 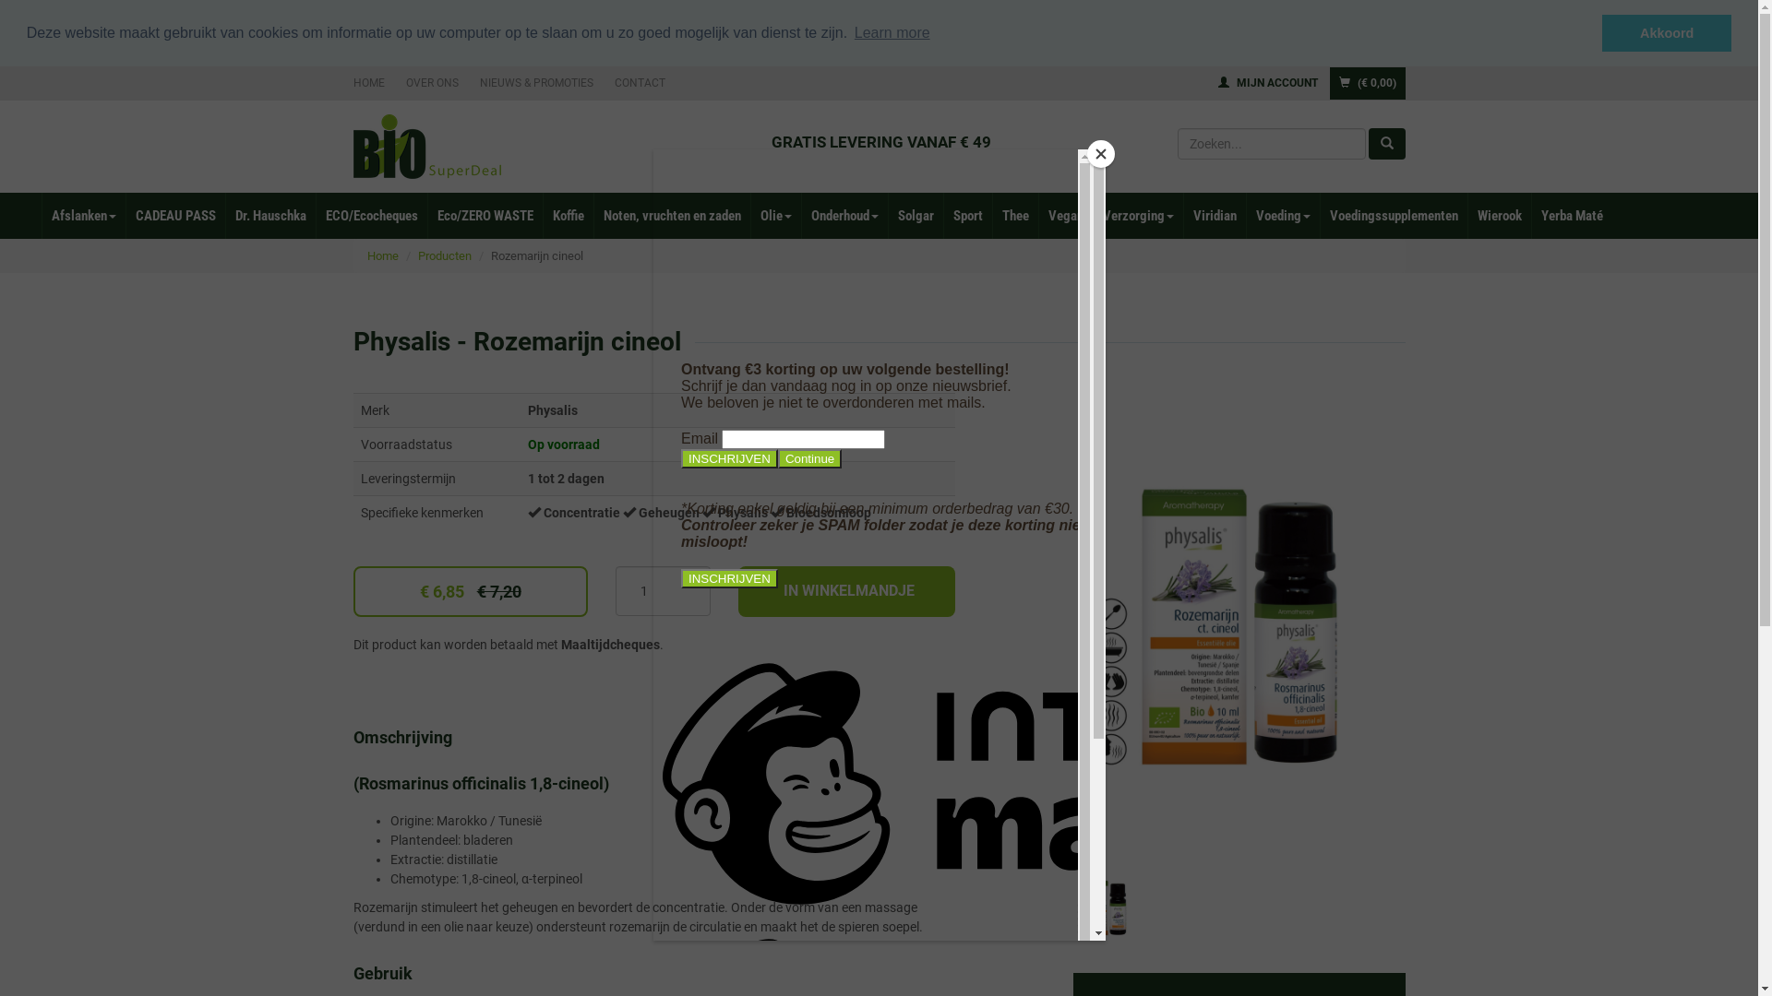 I want to click on 'Voedingssupplementen', so click(x=1394, y=213).